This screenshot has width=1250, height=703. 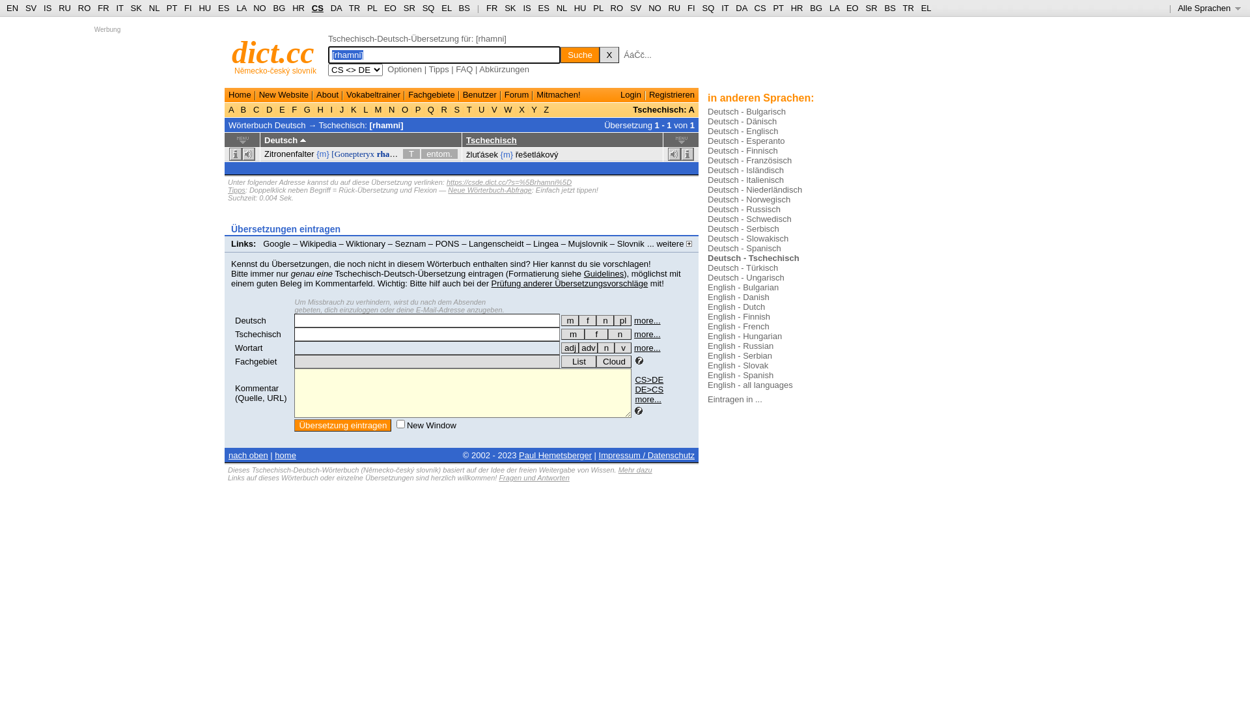 I want to click on 'more...', so click(x=646, y=320).